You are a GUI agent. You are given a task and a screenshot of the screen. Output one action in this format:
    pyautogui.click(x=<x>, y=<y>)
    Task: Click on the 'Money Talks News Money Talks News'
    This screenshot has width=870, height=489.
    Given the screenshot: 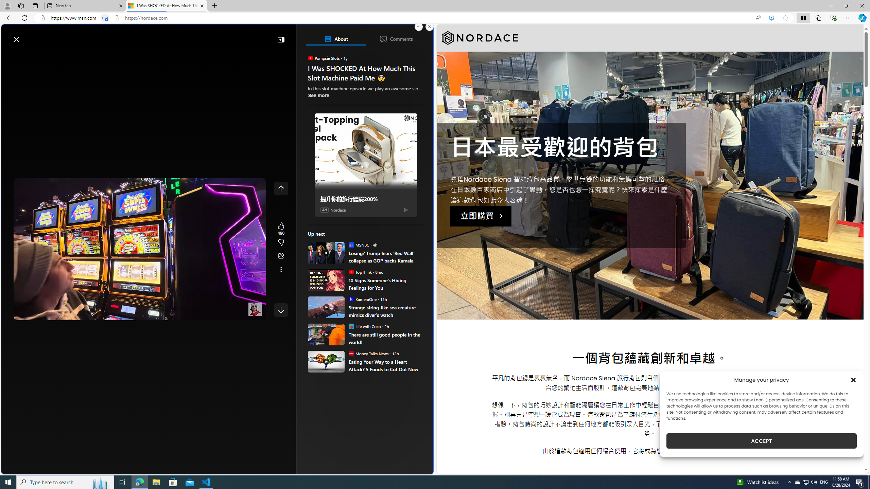 What is the action you would take?
    pyautogui.click(x=368, y=353)
    